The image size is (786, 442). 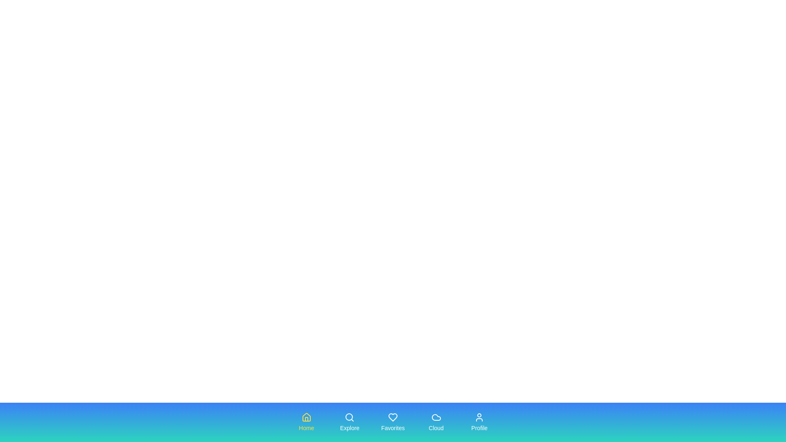 What do you see at coordinates (436, 422) in the screenshot?
I see `the tab labeled Cloud` at bounding box center [436, 422].